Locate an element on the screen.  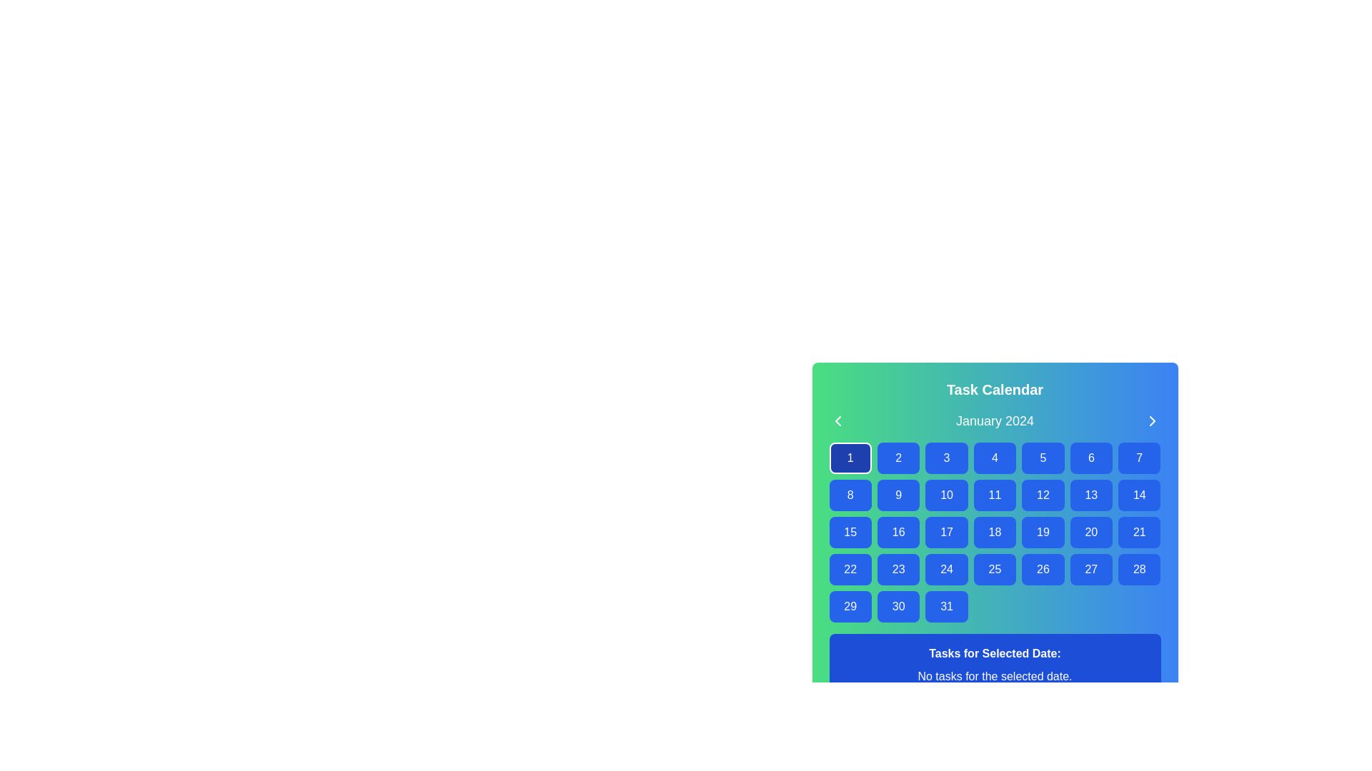
to select the 22nd day of the month in the calendar layout located in the fifth row and first column of the 'Task Calendar' is located at coordinates (850, 569).